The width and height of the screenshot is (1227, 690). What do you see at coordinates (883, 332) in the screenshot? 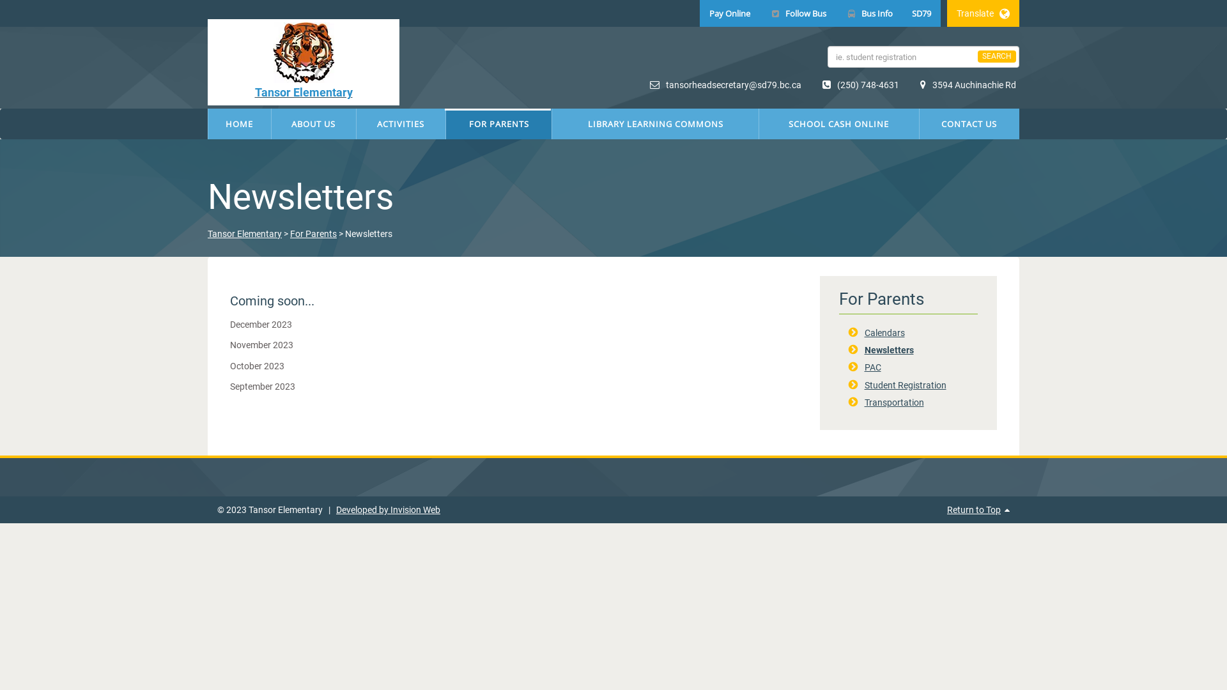
I see `'Calendars'` at bounding box center [883, 332].